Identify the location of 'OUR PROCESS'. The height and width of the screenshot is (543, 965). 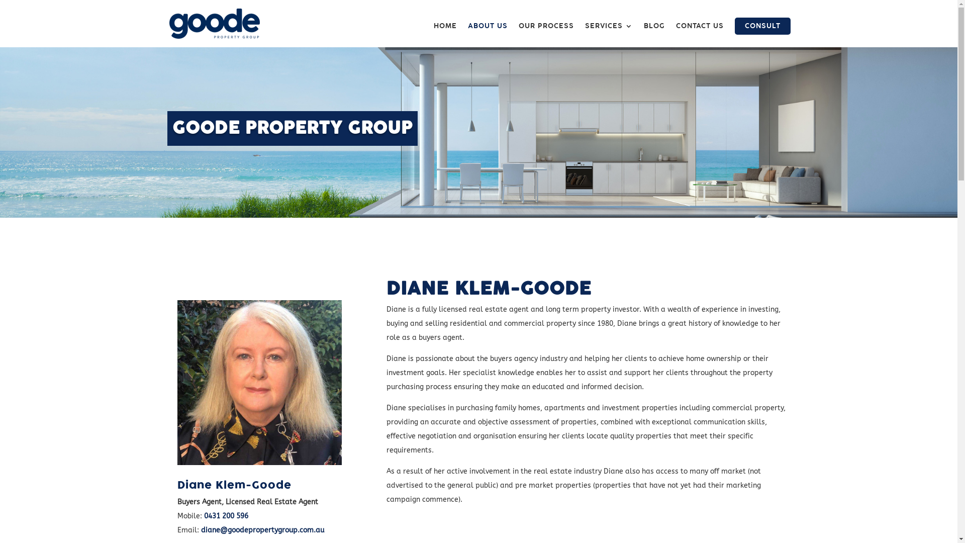
(545, 34).